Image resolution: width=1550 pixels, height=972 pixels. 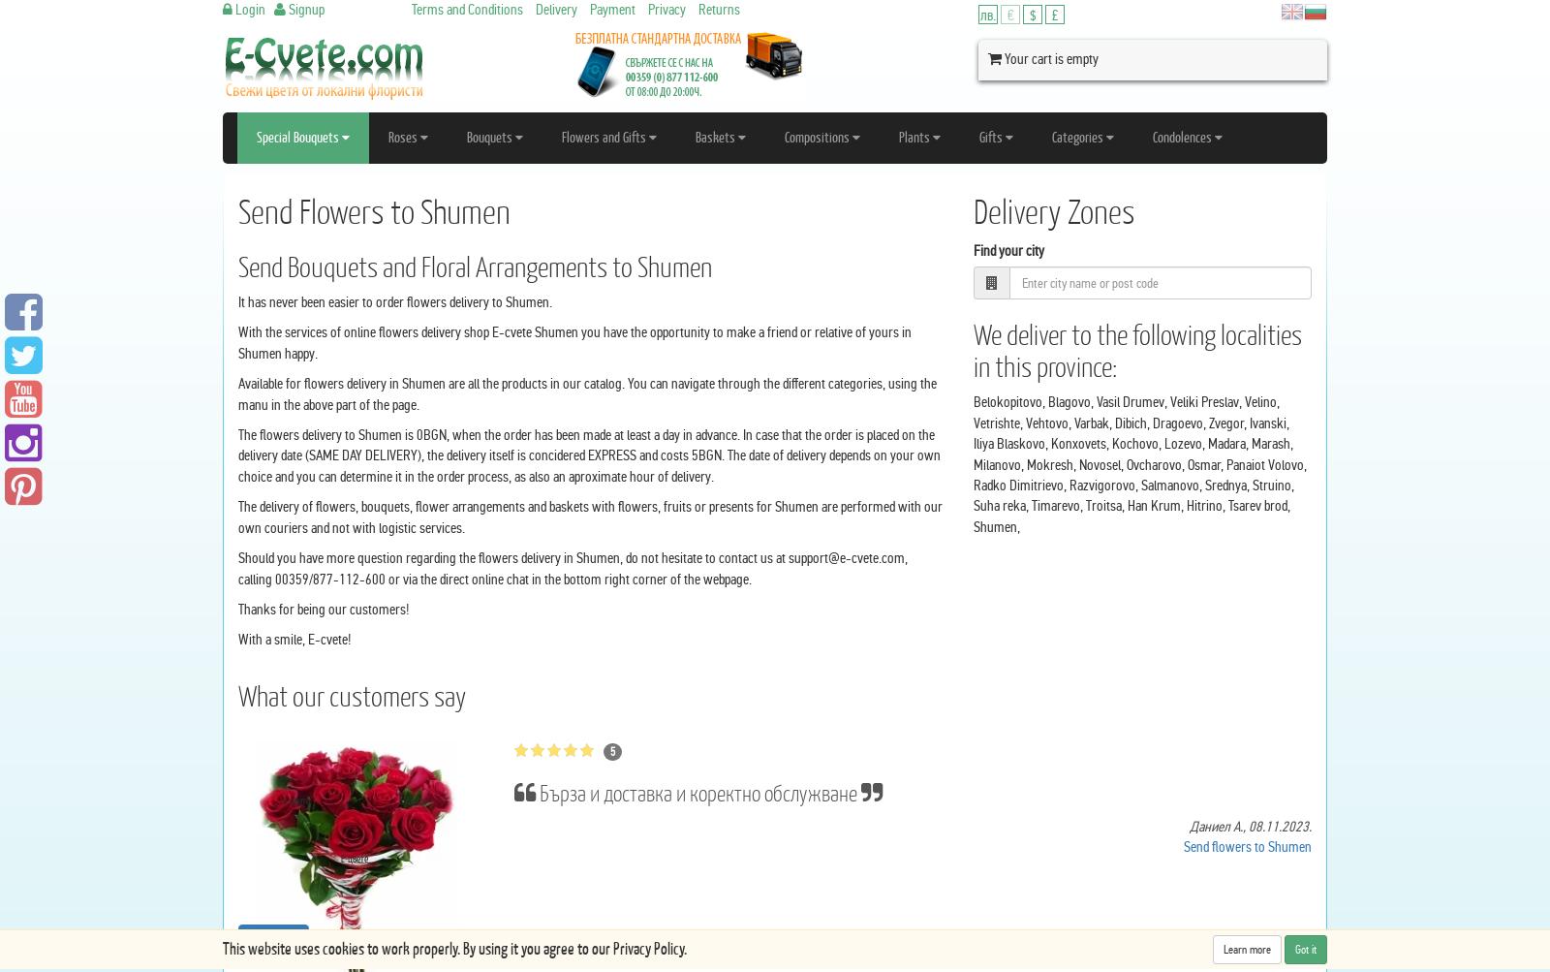 What do you see at coordinates (512, 557) in the screenshot?
I see `'Should you have more question regarding the flowers delivery in Shumen, do not hesitate to contact us at'` at bounding box center [512, 557].